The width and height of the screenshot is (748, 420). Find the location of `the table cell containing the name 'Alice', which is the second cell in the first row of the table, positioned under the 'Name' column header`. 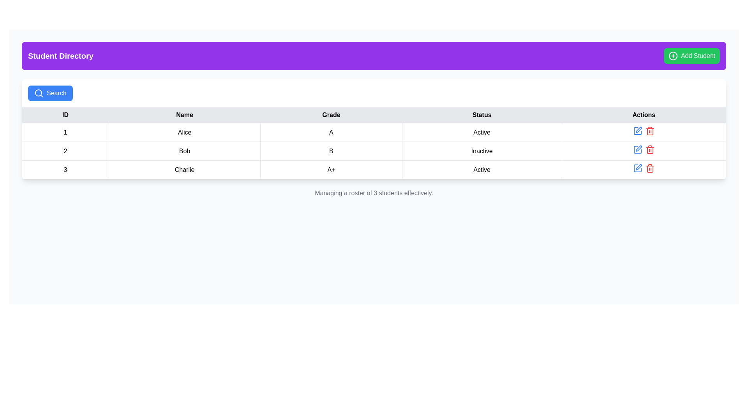

the table cell containing the name 'Alice', which is the second cell in the first row of the table, positioned under the 'Name' column header is located at coordinates (184, 132).